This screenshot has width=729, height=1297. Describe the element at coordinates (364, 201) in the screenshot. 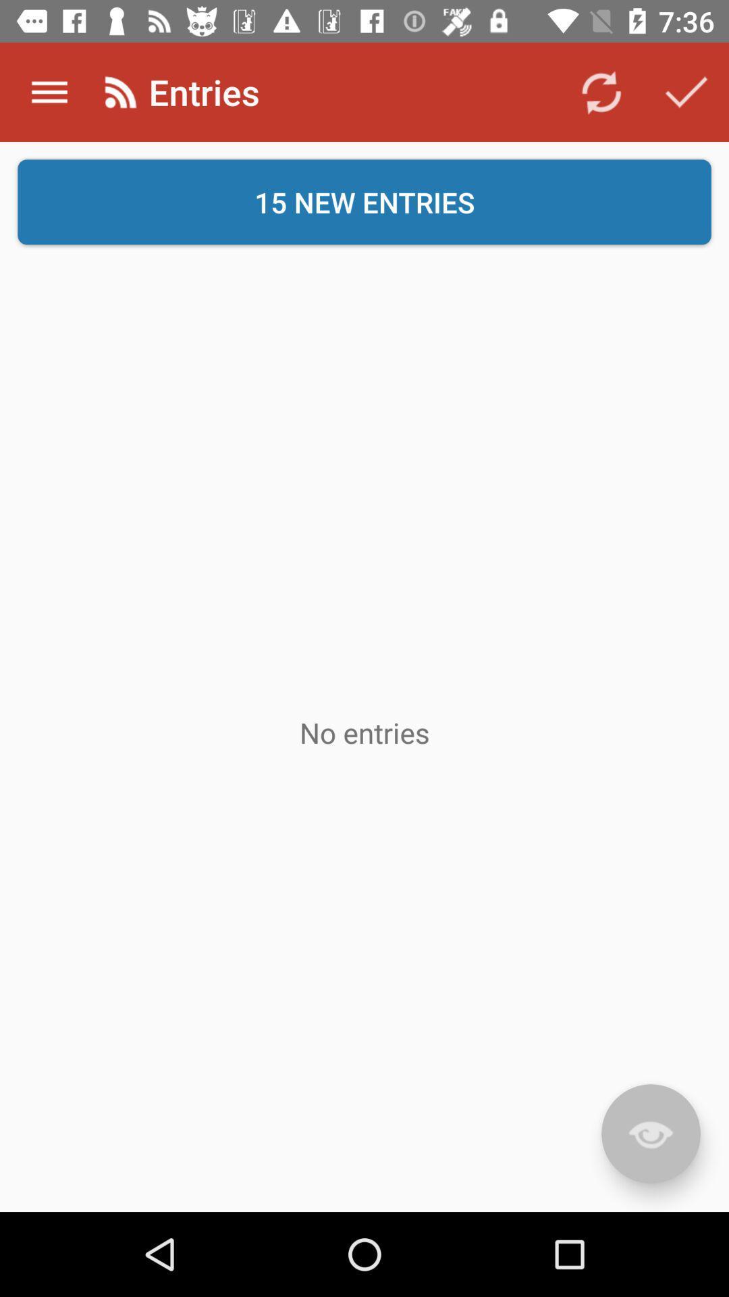

I see `the 15 new entries button` at that location.